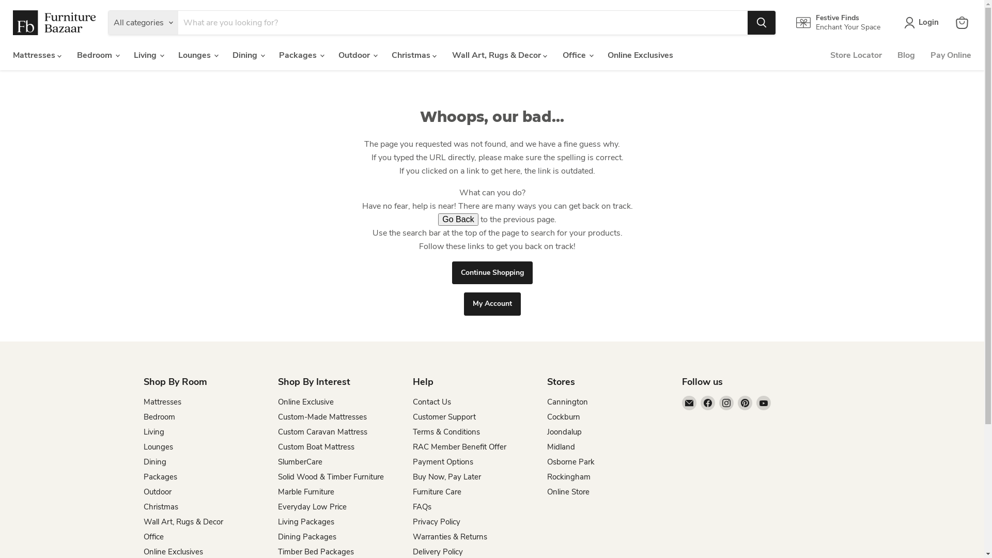  Describe the element at coordinates (962, 22) in the screenshot. I see `'View cart'` at that location.